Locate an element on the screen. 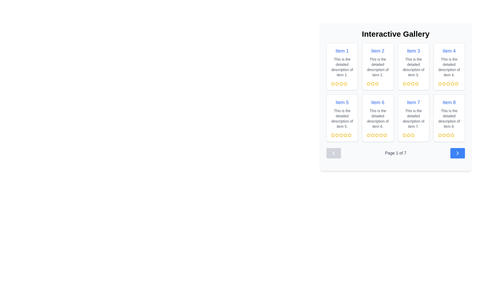 Image resolution: width=499 pixels, height=281 pixels. the third yellow star icon in the rating system below the description of Item 7 in the interactive gallery to rate it is located at coordinates (408, 135).